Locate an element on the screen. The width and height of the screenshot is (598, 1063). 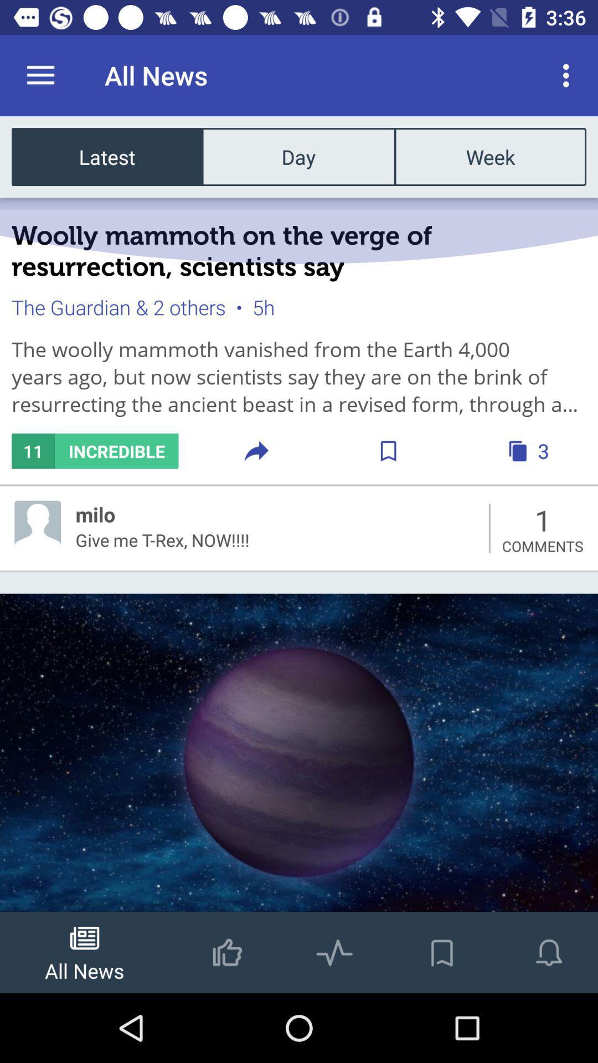
the latest icon is located at coordinates (107, 156).